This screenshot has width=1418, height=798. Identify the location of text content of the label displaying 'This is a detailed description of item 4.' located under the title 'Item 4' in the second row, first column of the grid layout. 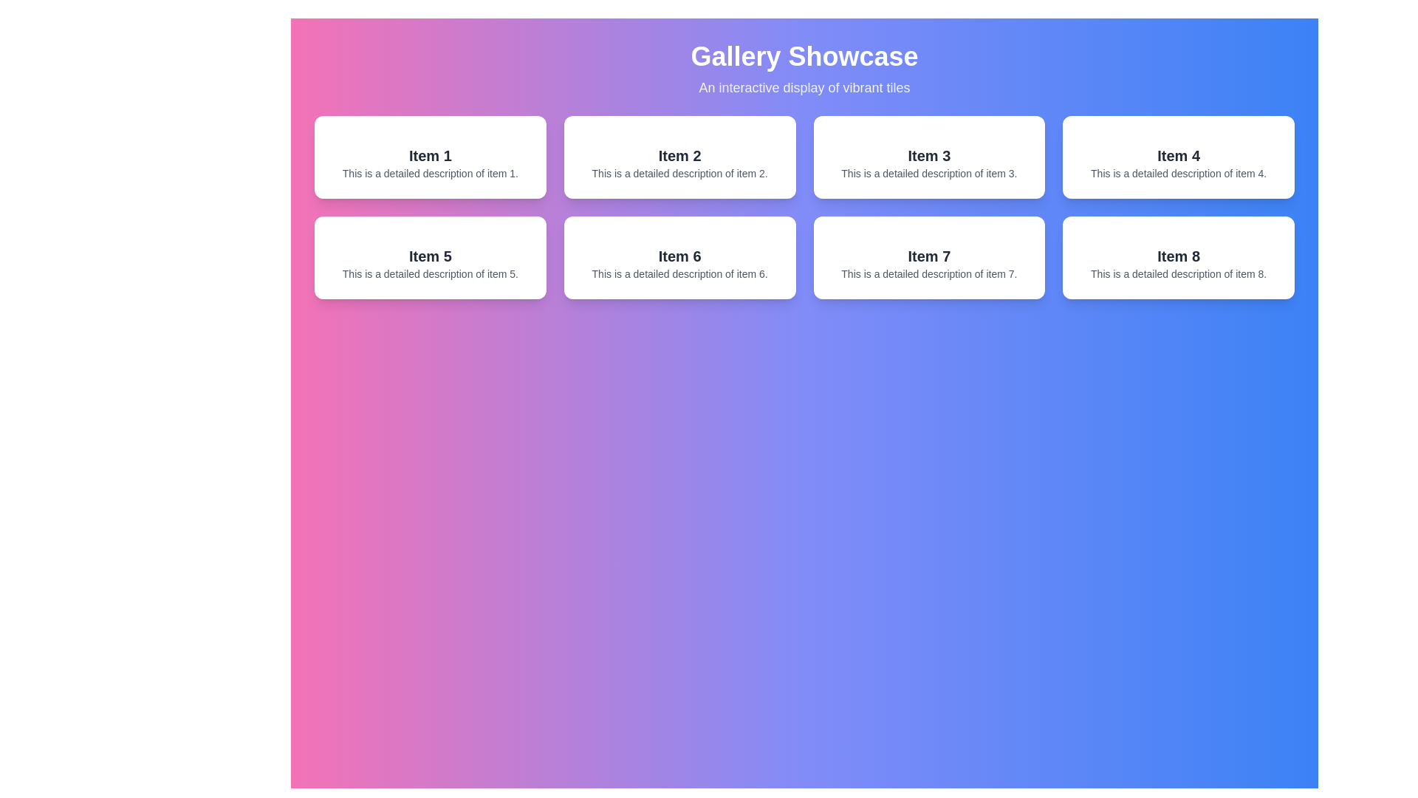
(1178, 173).